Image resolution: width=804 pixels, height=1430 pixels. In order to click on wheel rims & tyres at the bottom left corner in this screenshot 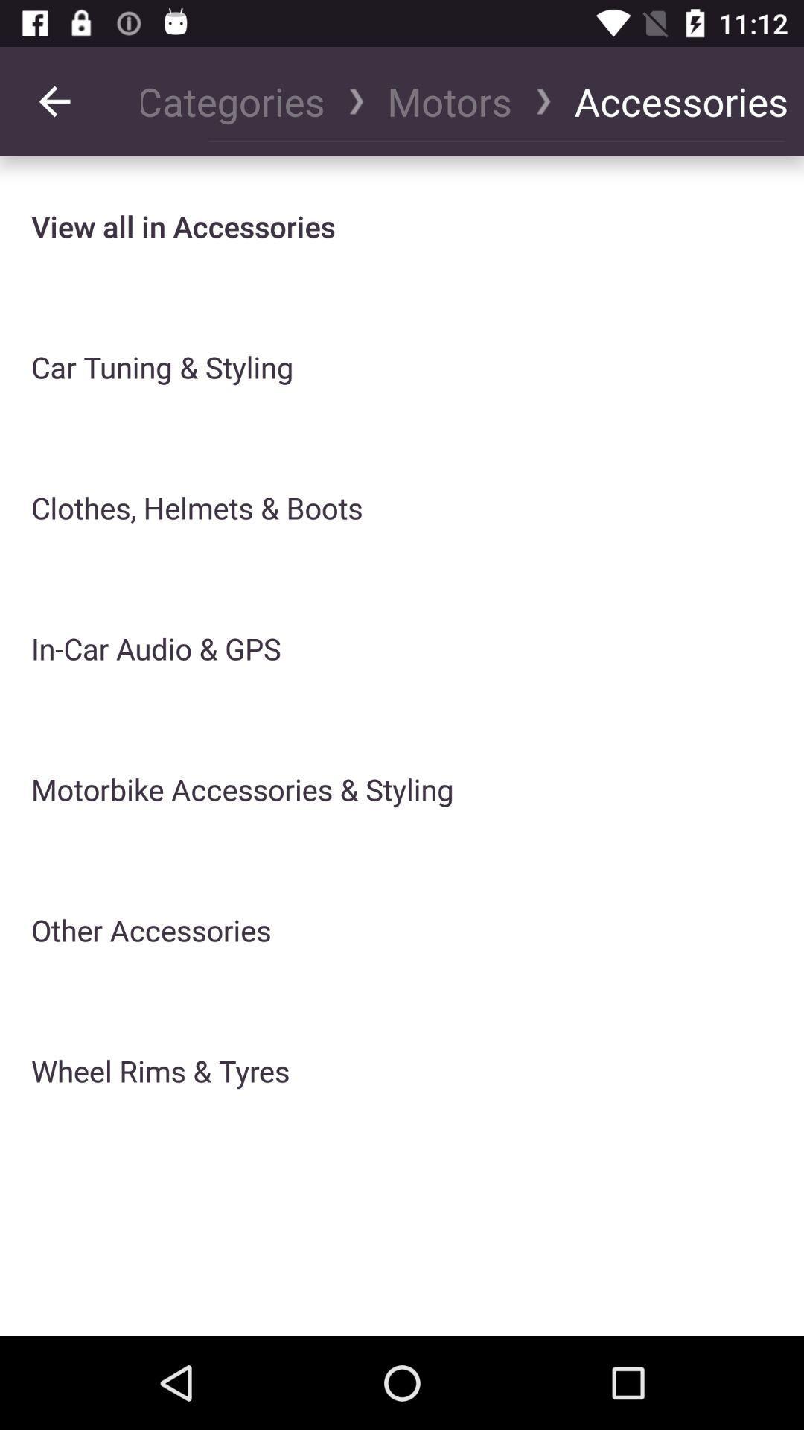, I will do `click(160, 1070)`.